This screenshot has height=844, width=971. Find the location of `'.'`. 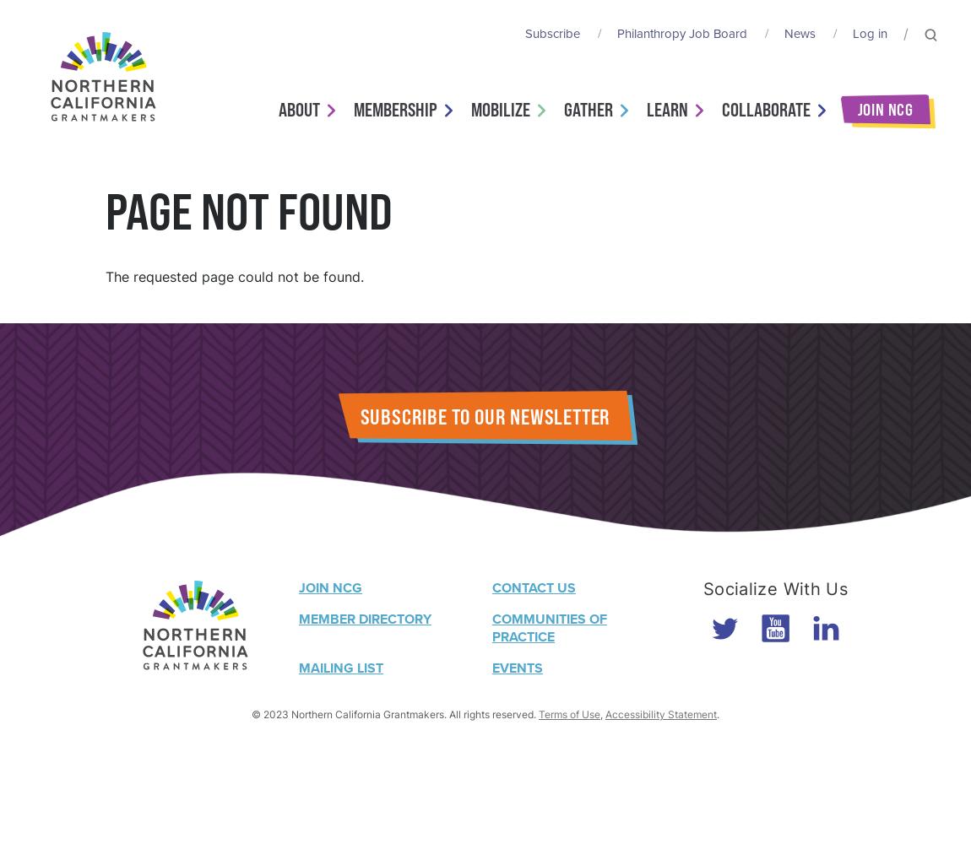

'.' is located at coordinates (717, 713).